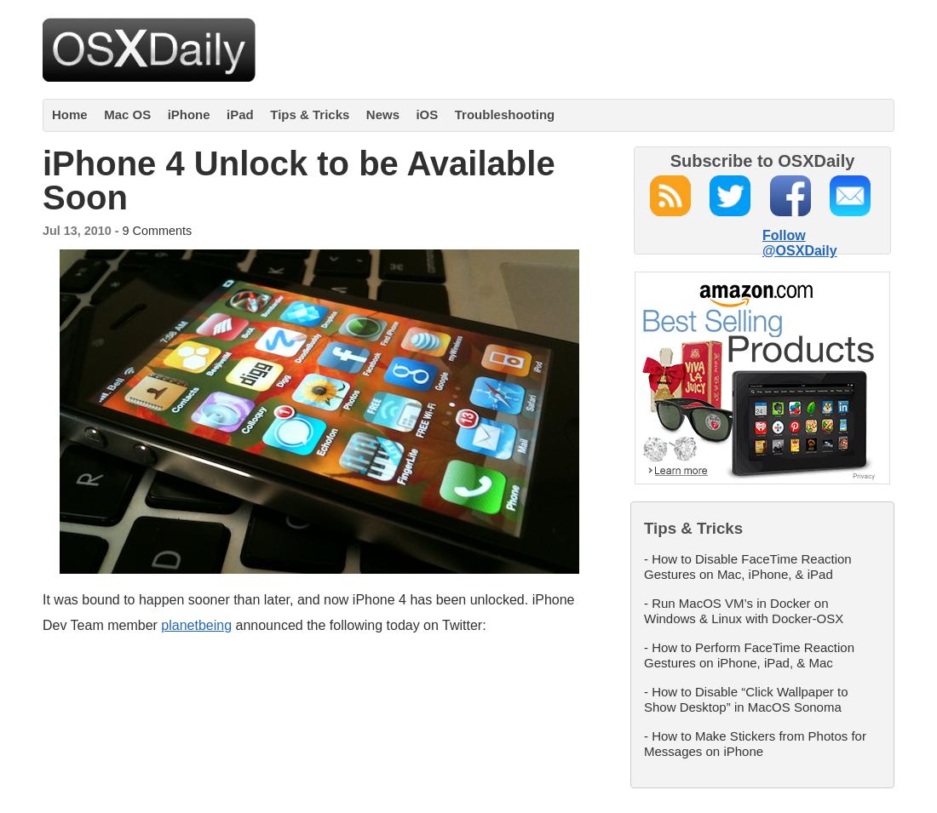 This screenshot has height=813, width=937. Describe the element at coordinates (298, 179) in the screenshot. I see `'iPhone 4 Unlock to be Available Soon'` at that location.